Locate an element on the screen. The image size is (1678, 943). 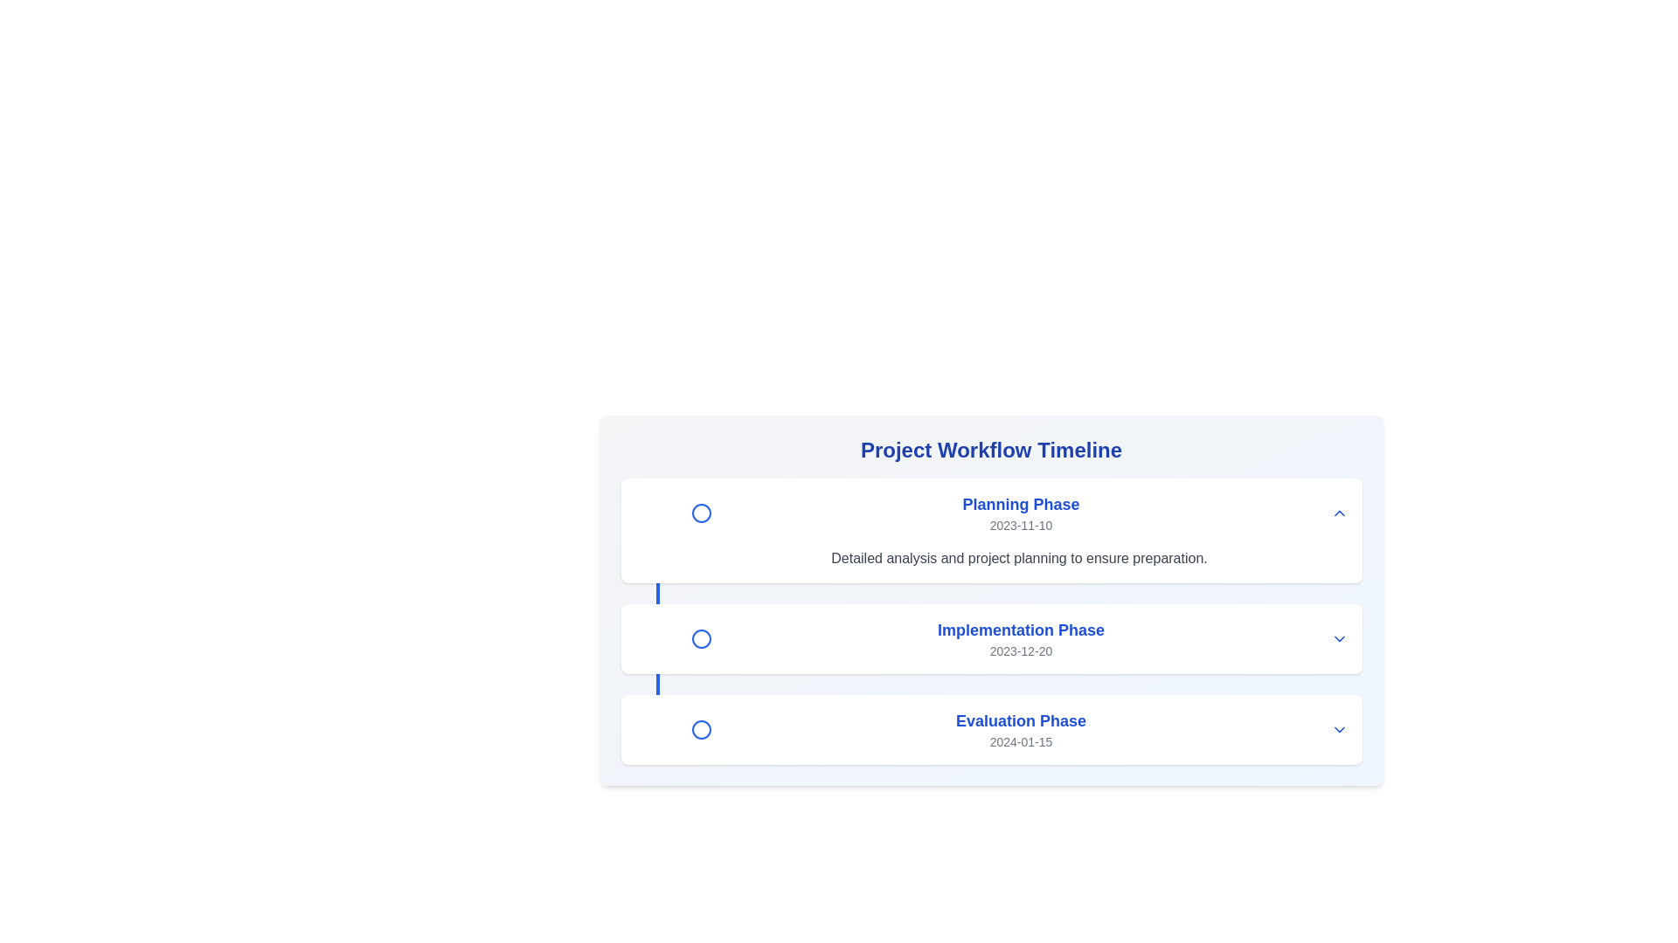
heading text 'Project Workflow Timeline' which is styled in bold, large, and centered blue font at the top of the section is located at coordinates (991, 450).